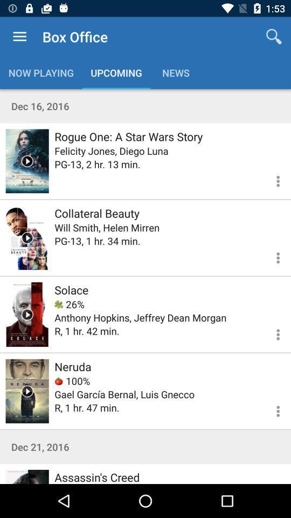 The image size is (291, 518). Describe the element at coordinates (128, 136) in the screenshot. I see `the icon above the felicity jones diego icon` at that location.